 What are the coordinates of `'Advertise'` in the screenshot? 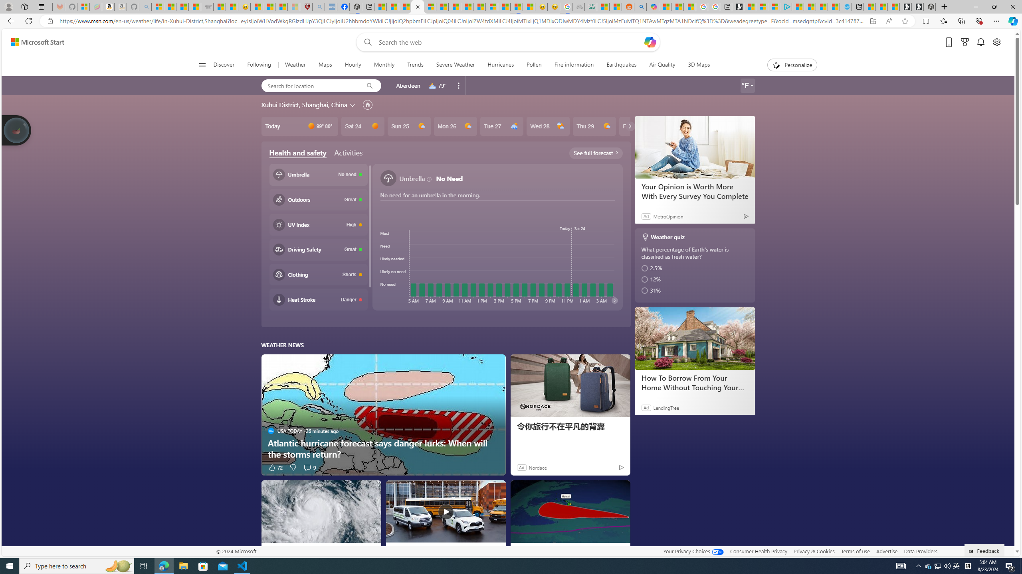 It's located at (887, 551).